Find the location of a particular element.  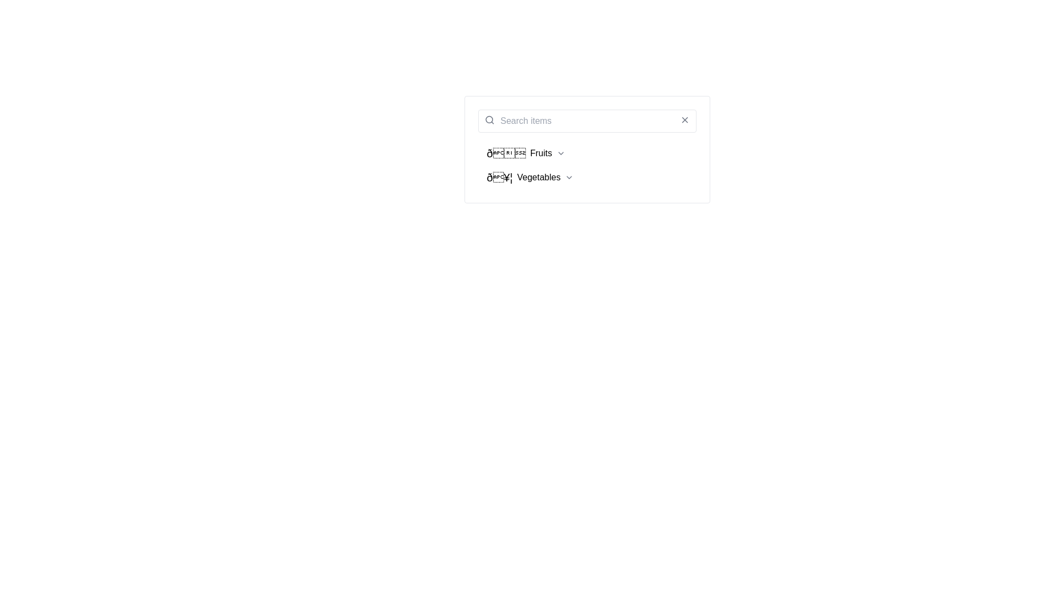

the Dropdown toggle button labeled 'Fruits' with a fruit emoji and a downward arrow, which is the first item in the dropdown menu below the search bar is located at coordinates (586, 153).